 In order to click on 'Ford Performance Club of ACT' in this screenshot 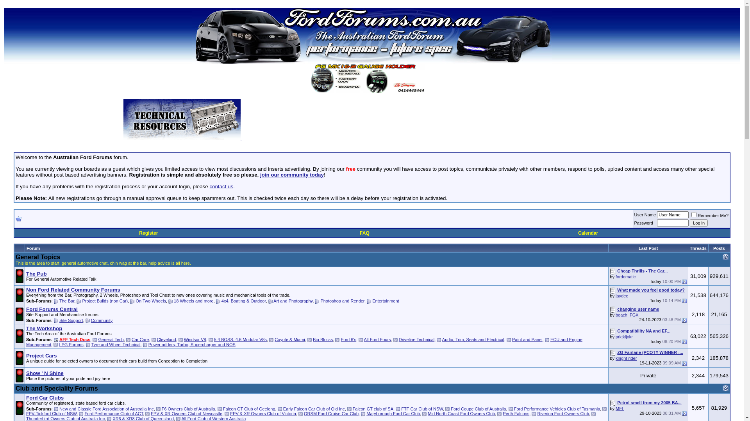, I will do `click(113, 413)`.